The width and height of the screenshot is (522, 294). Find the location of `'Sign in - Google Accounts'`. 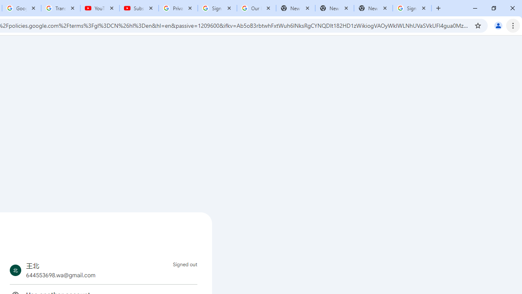

'Sign in - Google Accounts' is located at coordinates (217, 8).